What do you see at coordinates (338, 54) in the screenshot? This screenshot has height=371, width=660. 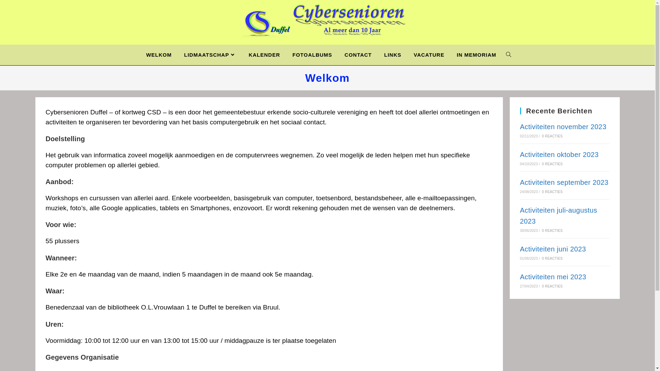 I see `'CONTACT'` at bounding box center [338, 54].